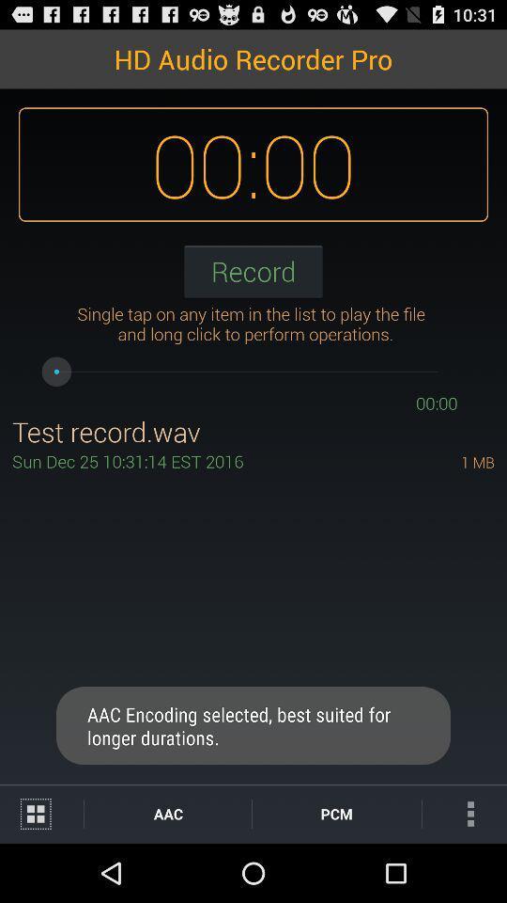 Image resolution: width=507 pixels, height=903 pixels. I want to click on expand menu, so click(41, 813).